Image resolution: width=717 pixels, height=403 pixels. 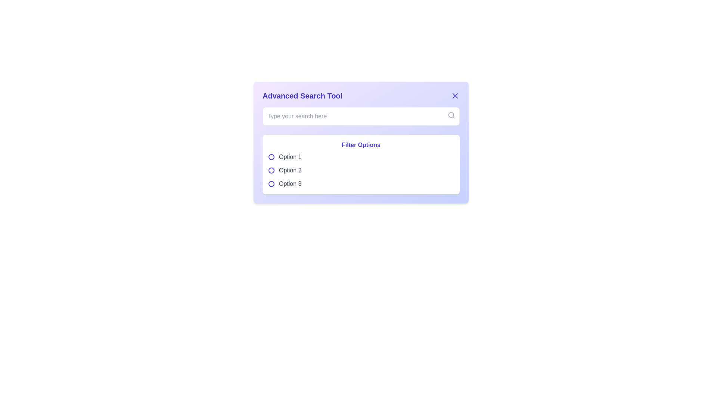 What do you see at coordinates (451, 115) in the screenshot?
I see `the circular lens of the magnifying glass icon, which represents the search functionality, located at the far right of the search input field` at bounding box center [451, 115].